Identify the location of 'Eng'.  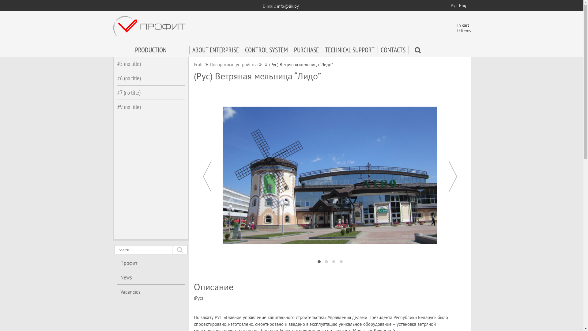
(462, 6).